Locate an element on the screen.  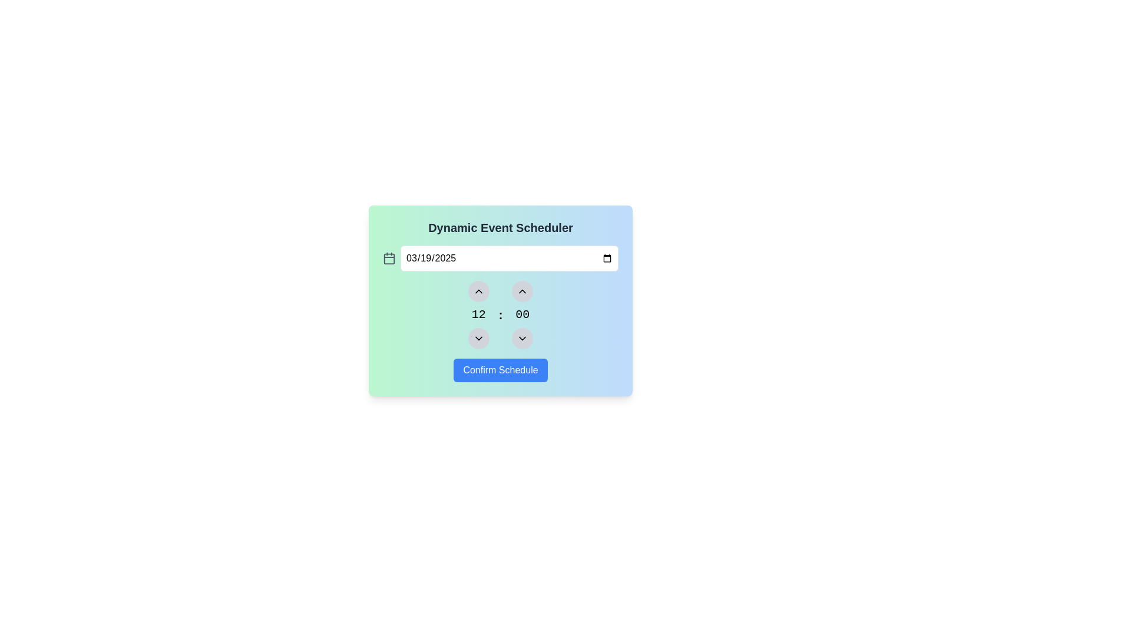
the downward chevron button located below the numeric display of '12' to decrease its value is located at coordinates (478, 338).